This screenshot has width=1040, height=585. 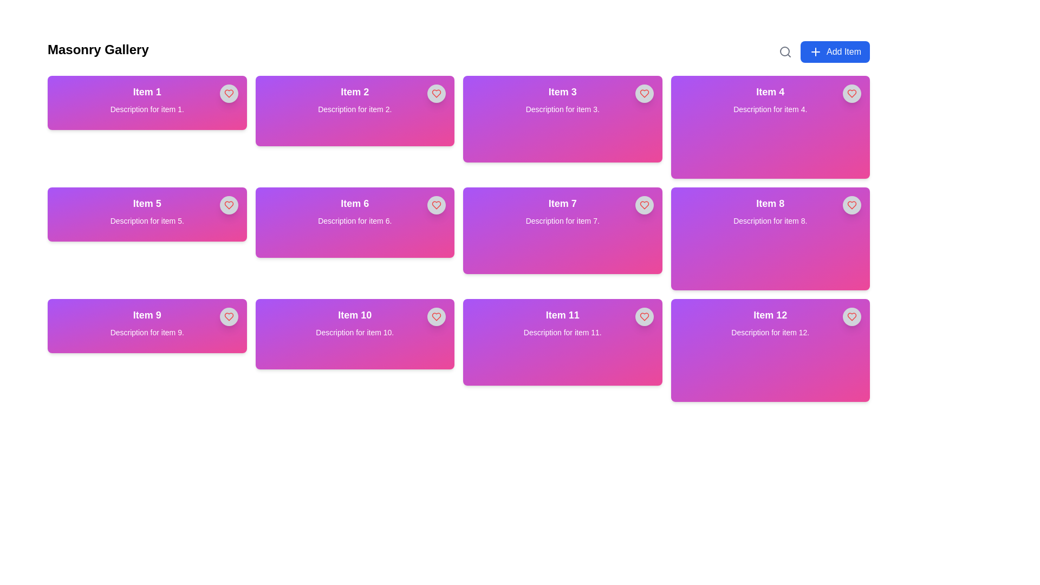 I want to click on the heart-shaped icon within the circular button located at the top-right corner of the card labeled 'Item 7: Description for item 7.', so click(x=644, y=205).